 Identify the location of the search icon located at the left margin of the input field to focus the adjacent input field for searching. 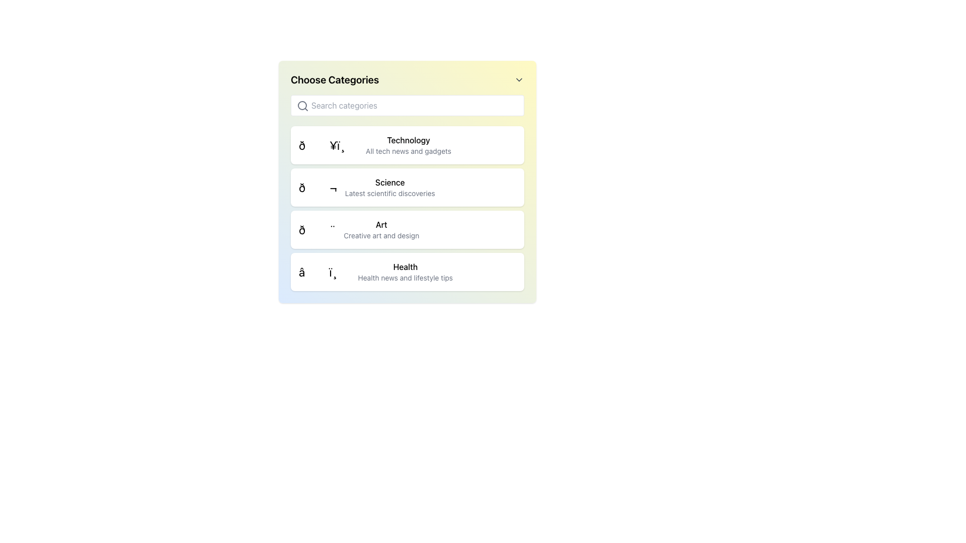
(302, 106).